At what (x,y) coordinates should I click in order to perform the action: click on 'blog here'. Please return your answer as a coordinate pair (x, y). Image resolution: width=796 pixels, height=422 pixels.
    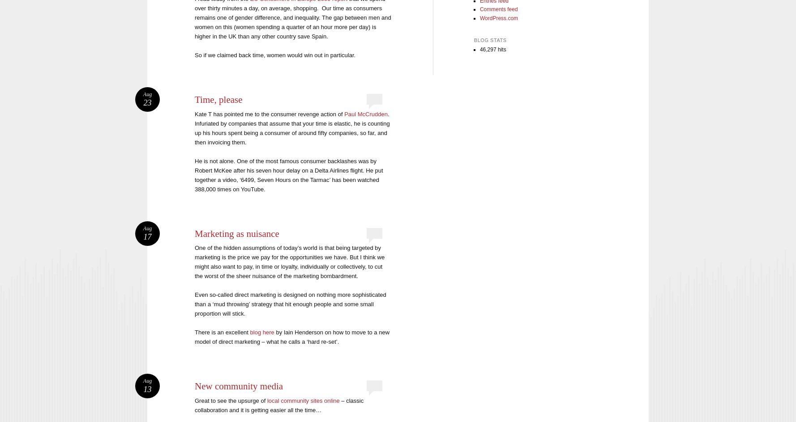
    Looking at the image, I should click on (249, 332).